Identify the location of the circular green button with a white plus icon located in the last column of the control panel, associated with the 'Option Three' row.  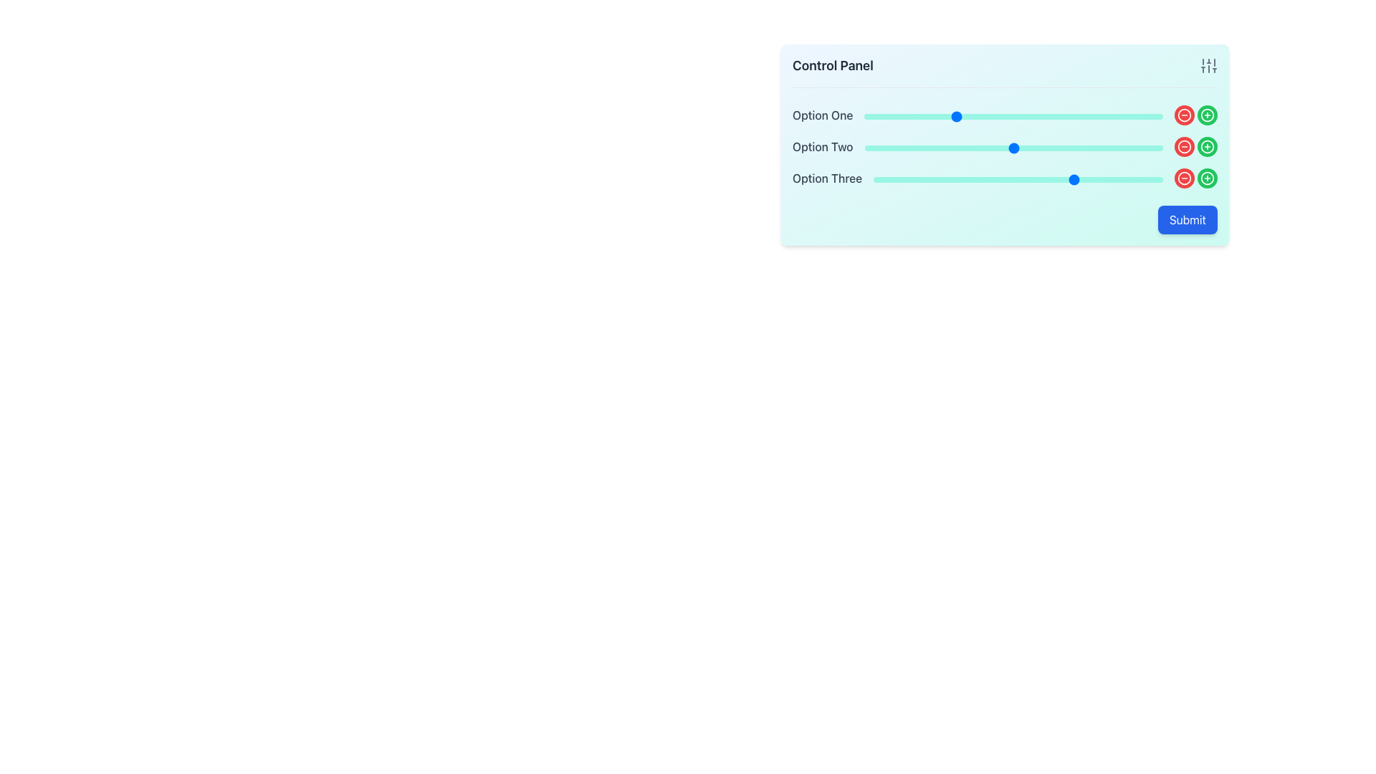
(1206, 178).